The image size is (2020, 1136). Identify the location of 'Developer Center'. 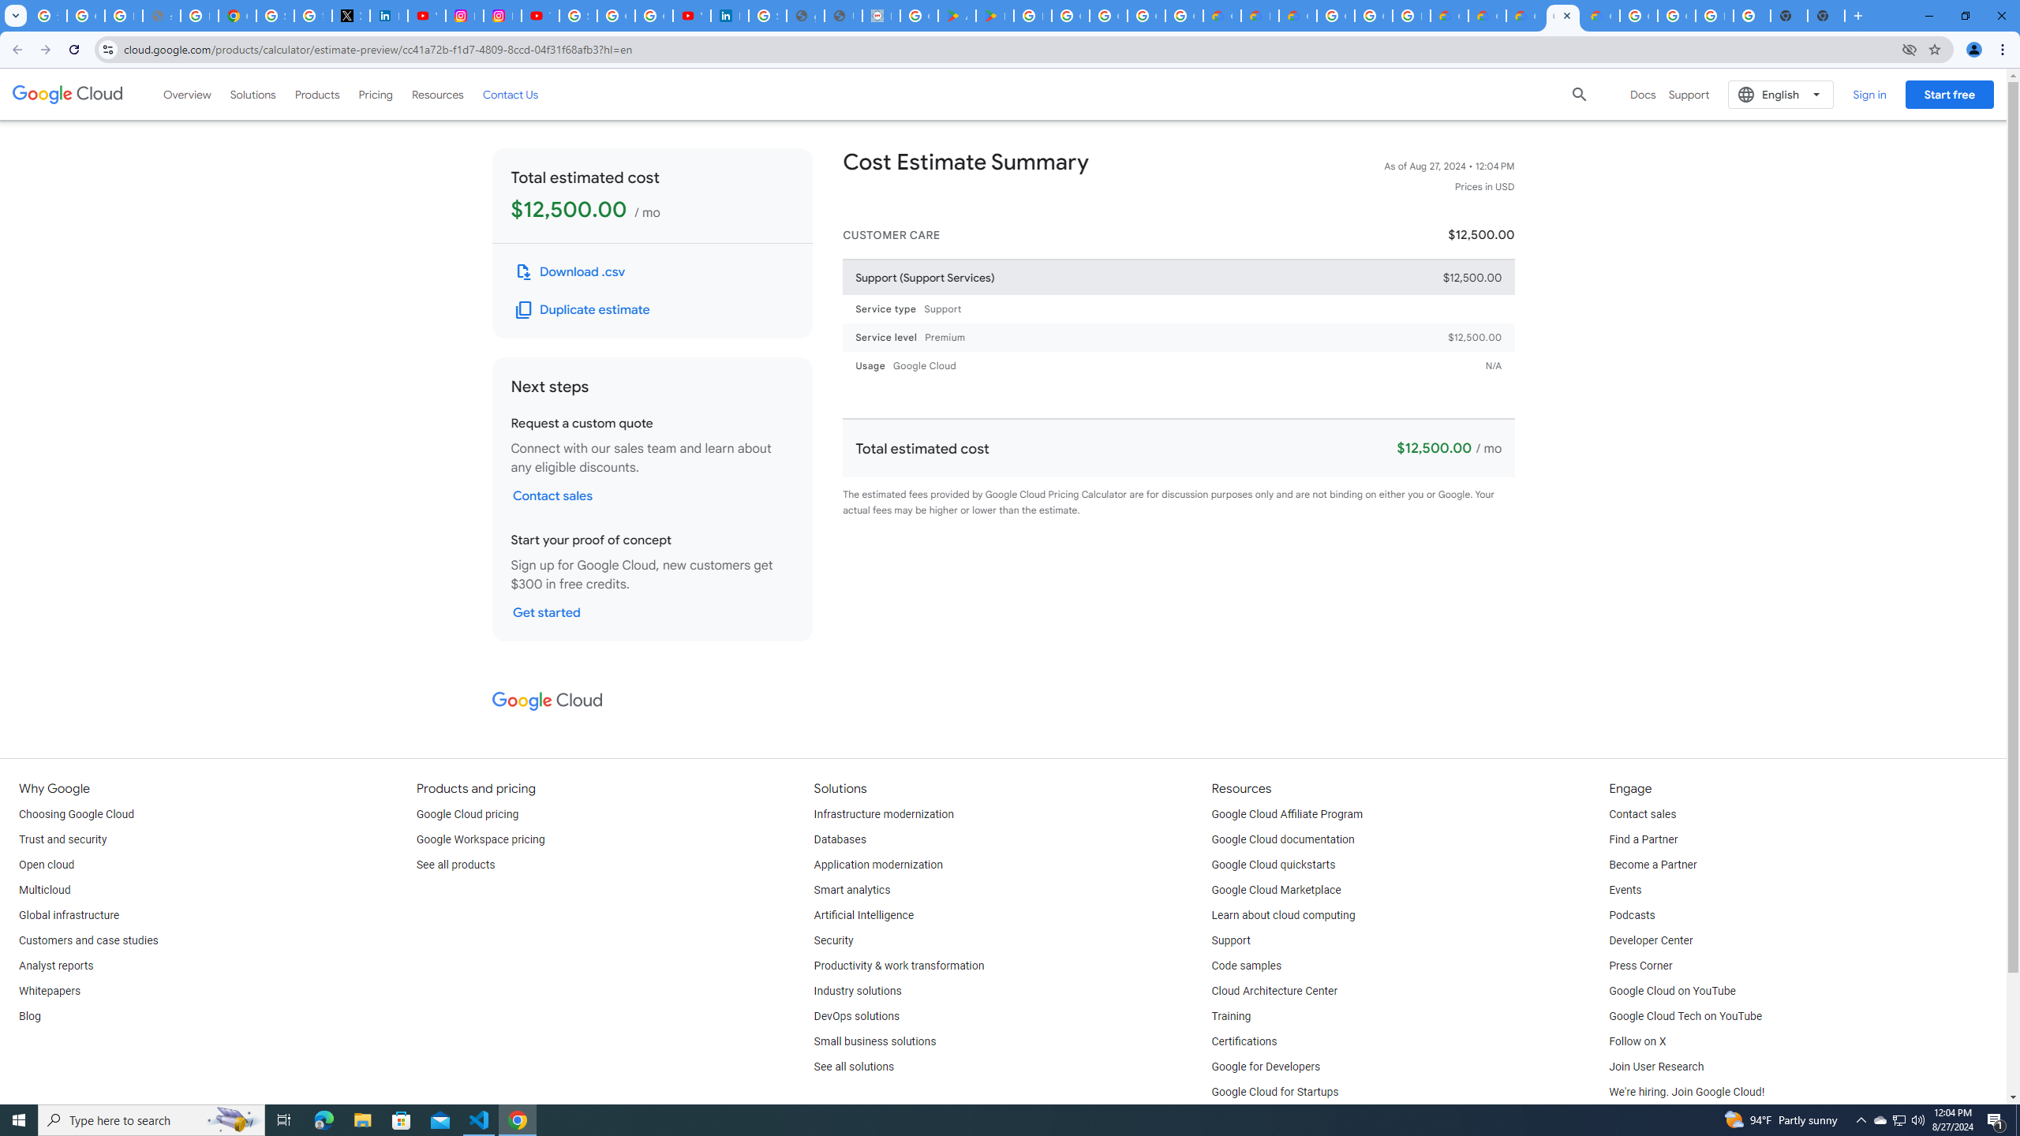
(1650, 940).